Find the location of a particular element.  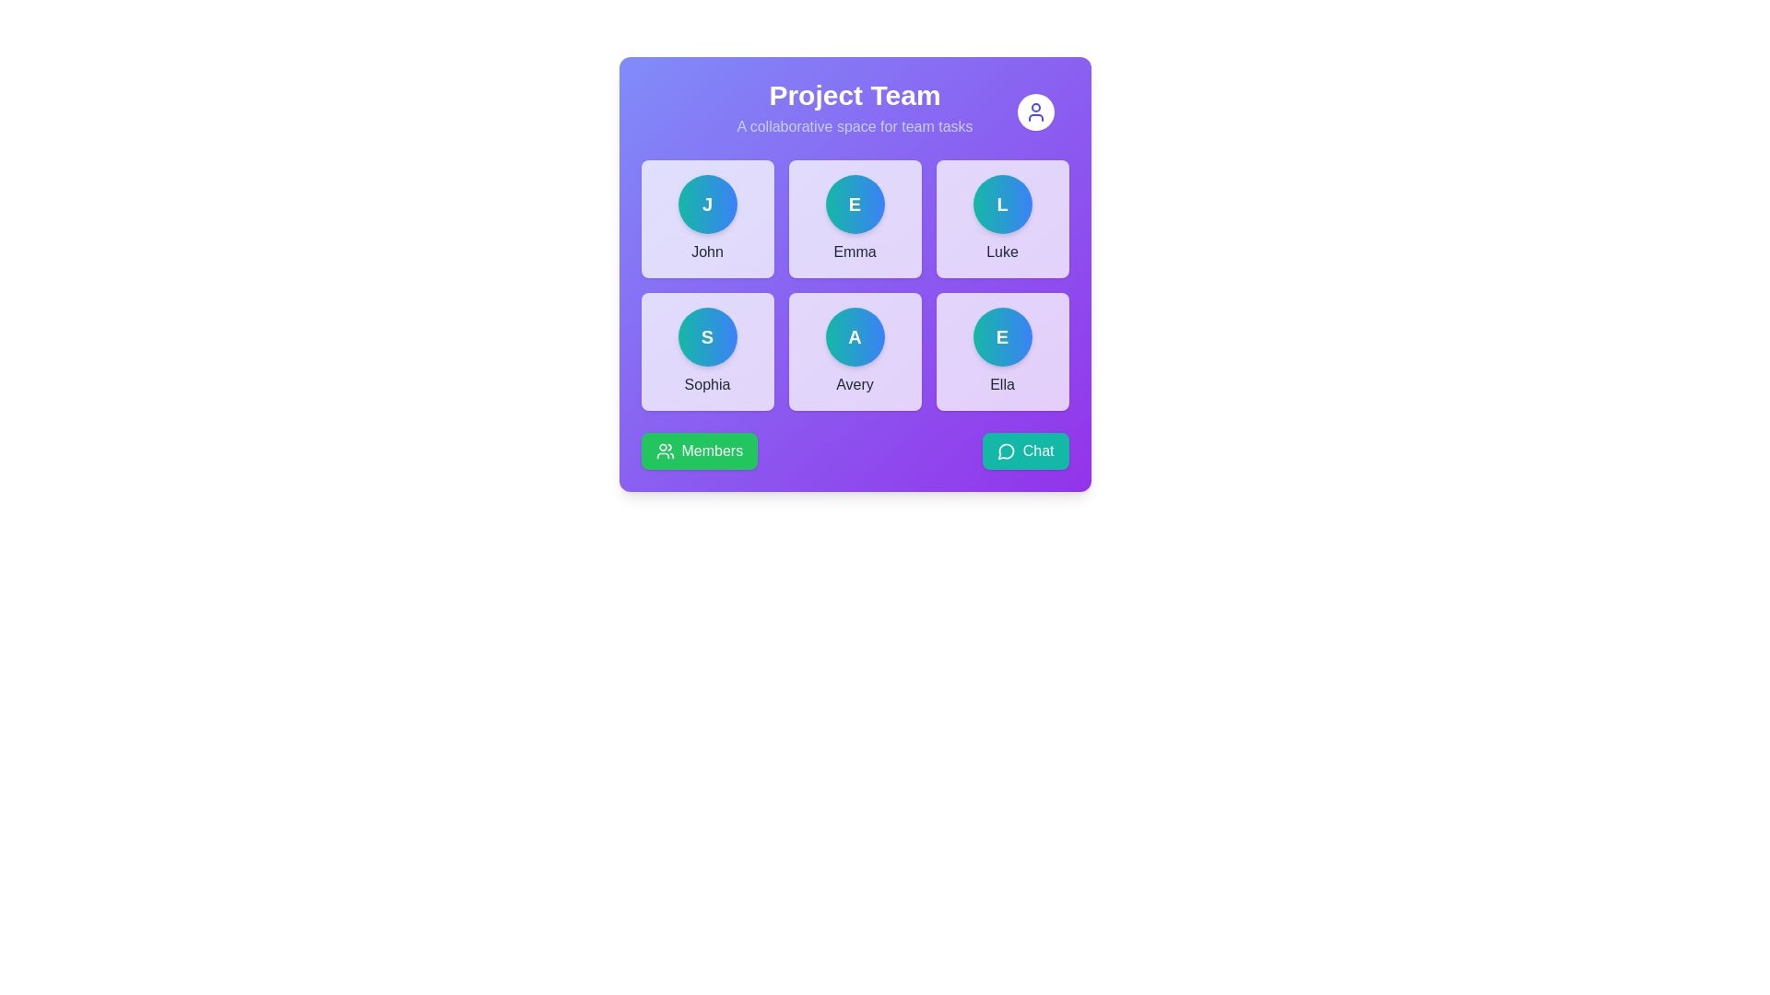

the 'Members' button icon located is located at coordinates (664, 451).